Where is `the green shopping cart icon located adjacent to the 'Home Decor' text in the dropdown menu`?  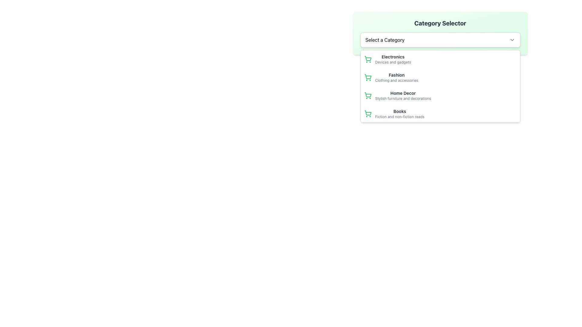 the green shopping cart icon located adjacent to the 'Home Decor' text in the dropdown menu is located at coordinates (367, 95).